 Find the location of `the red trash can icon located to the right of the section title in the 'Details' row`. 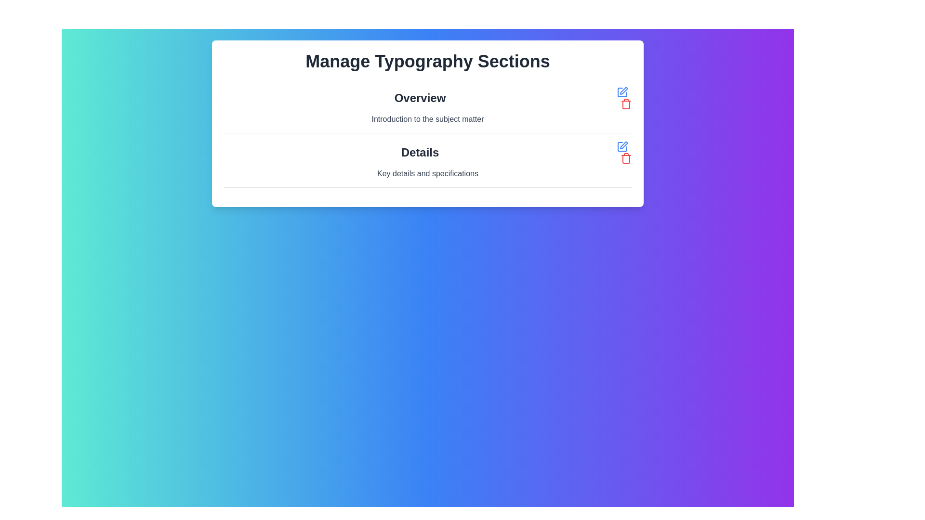

the red trash can icon located to the right of the section title in the 'Details' row is located at coordinates (626, 105).